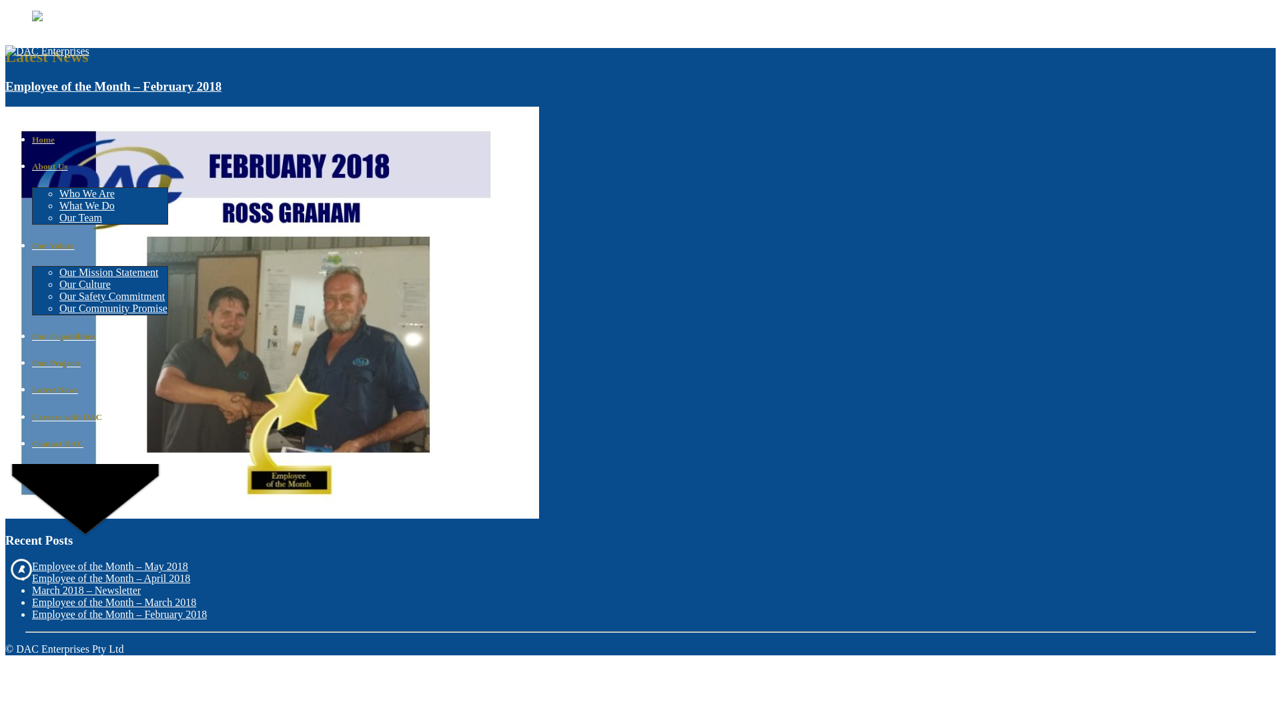  What do you see at coordinates (112, 295) in the screenshot?
I see `'Our Safety Commitment'` at bounding box center [112, 295].